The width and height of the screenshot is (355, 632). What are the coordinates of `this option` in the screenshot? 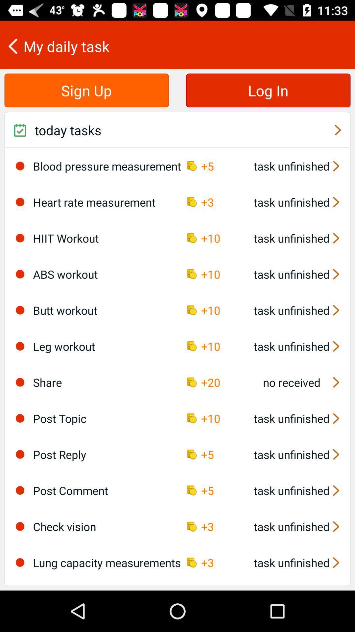 It's located at (20, 418).